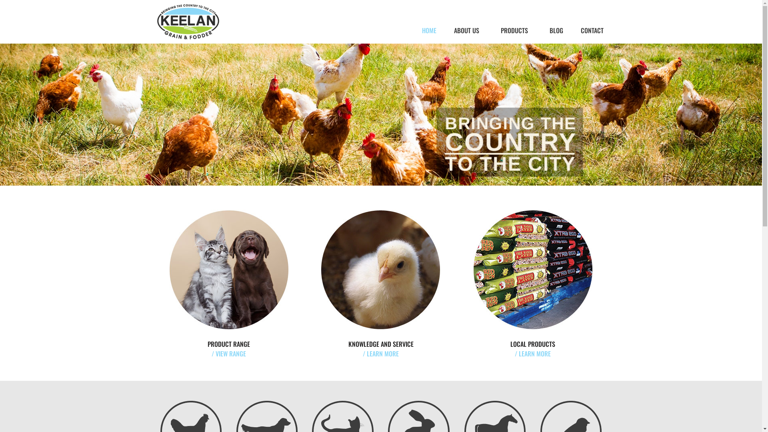 The height and width of the screenshot is (432, 768). Describe the element at coordinates (516, 30) in the screenshot. I see `'PRODUCTS'` at that location.